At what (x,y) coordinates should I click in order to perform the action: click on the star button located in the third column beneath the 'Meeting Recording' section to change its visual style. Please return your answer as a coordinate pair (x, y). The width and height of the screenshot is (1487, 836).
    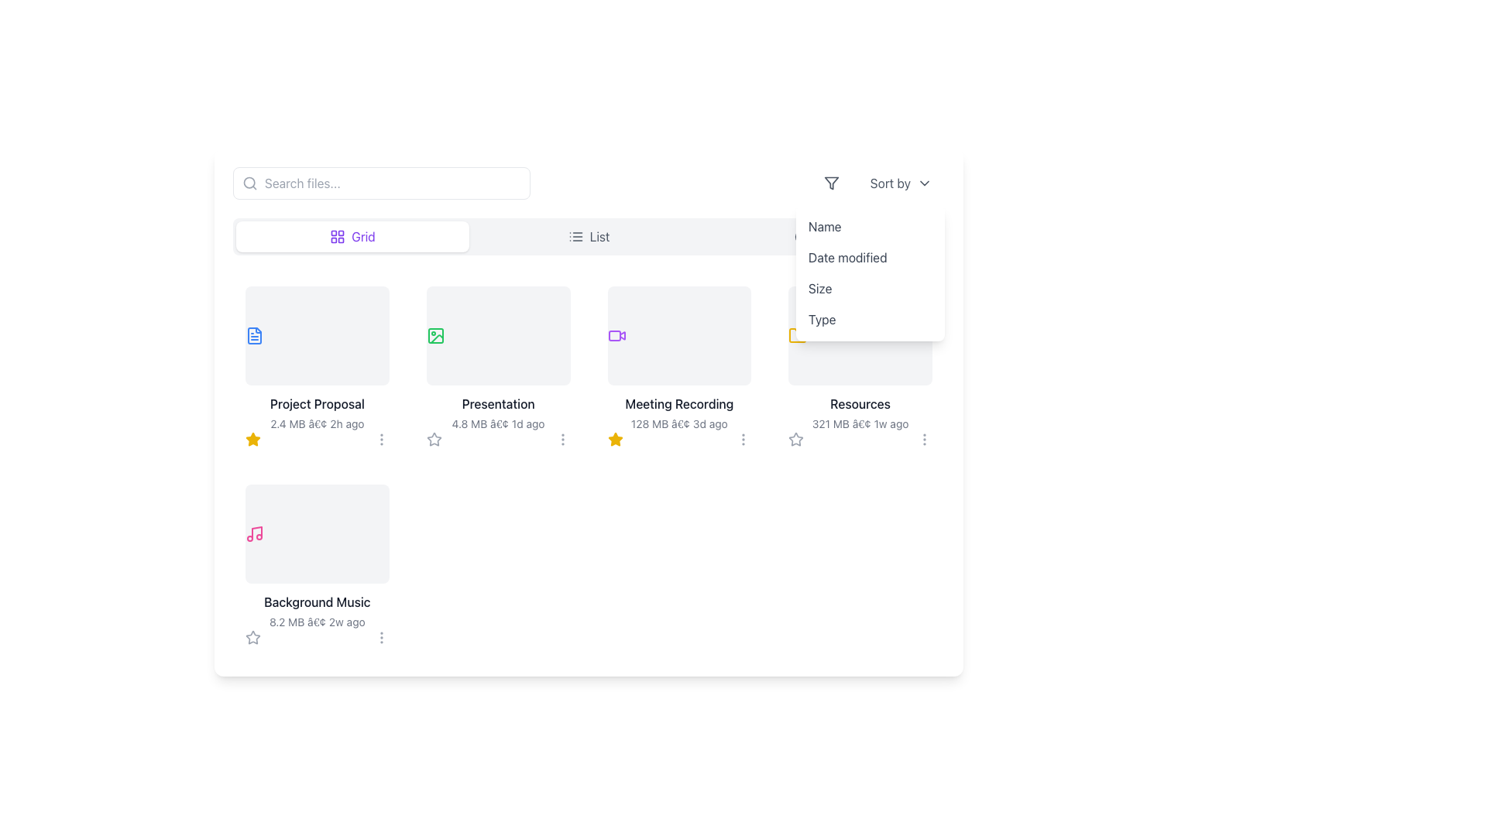
    Looking at the image, I should click on (614, 439).